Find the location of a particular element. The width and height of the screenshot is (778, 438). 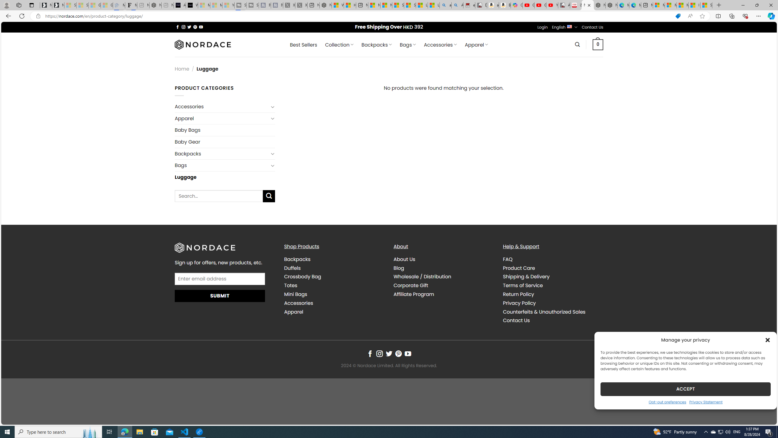

'Affiliate Program' is located at coordinates (443, 294).